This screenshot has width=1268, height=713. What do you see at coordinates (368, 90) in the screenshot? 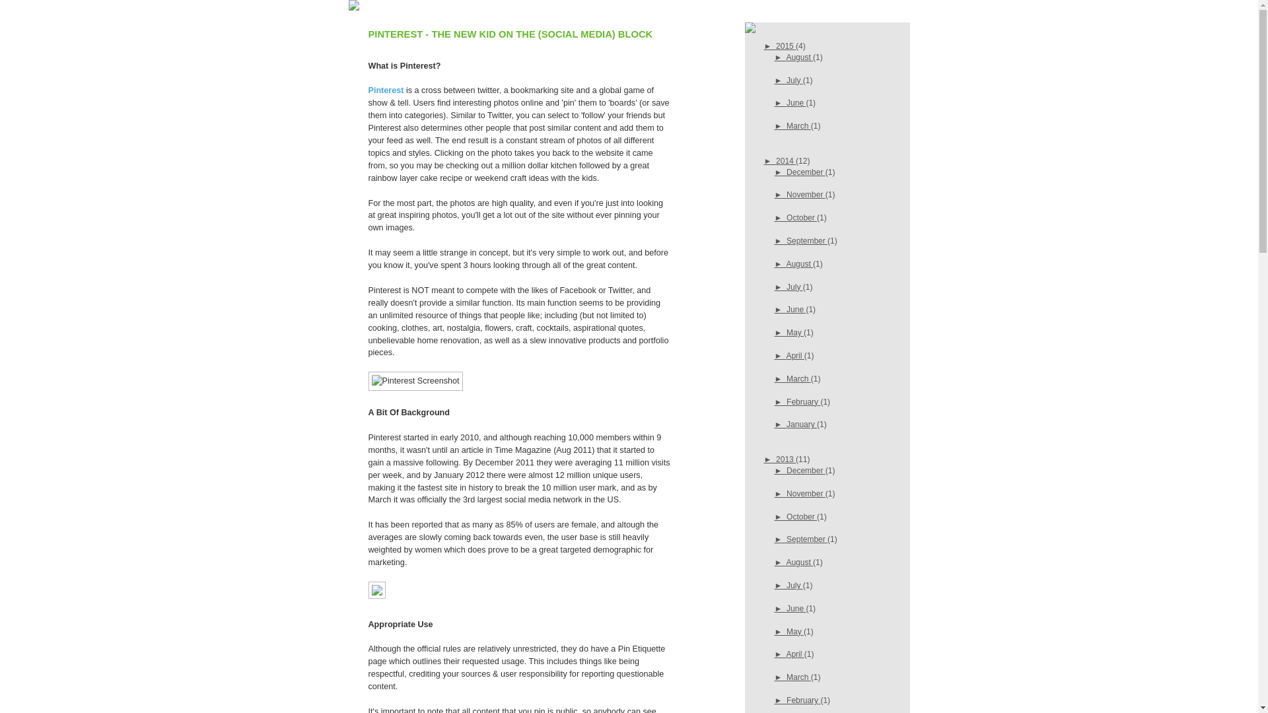
I see `'Pinterest'` at bounding box center [368, 90].